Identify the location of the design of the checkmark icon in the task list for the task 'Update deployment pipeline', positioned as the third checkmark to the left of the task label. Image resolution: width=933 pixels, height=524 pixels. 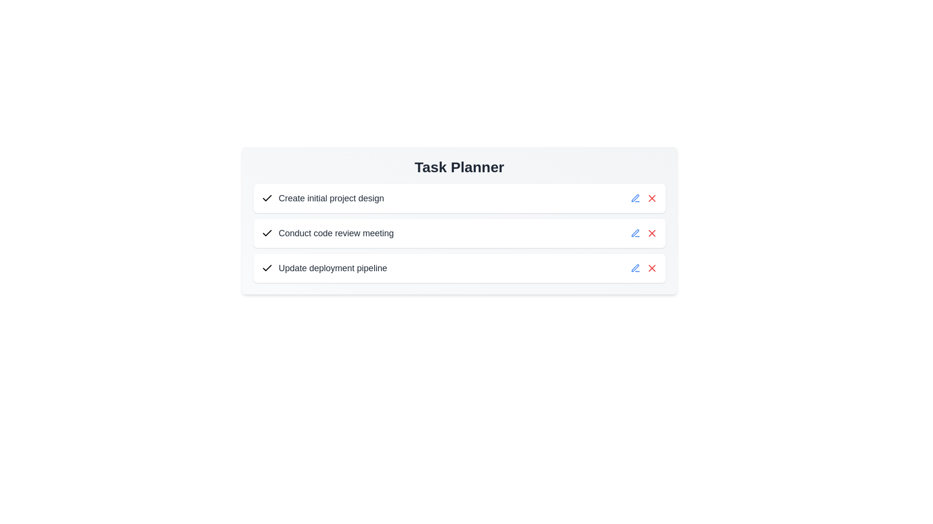
(267, 268).